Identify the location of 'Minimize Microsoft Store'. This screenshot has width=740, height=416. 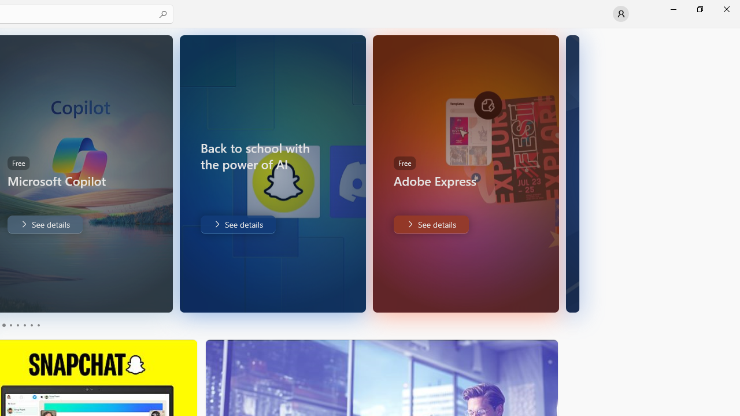
(673, 9).